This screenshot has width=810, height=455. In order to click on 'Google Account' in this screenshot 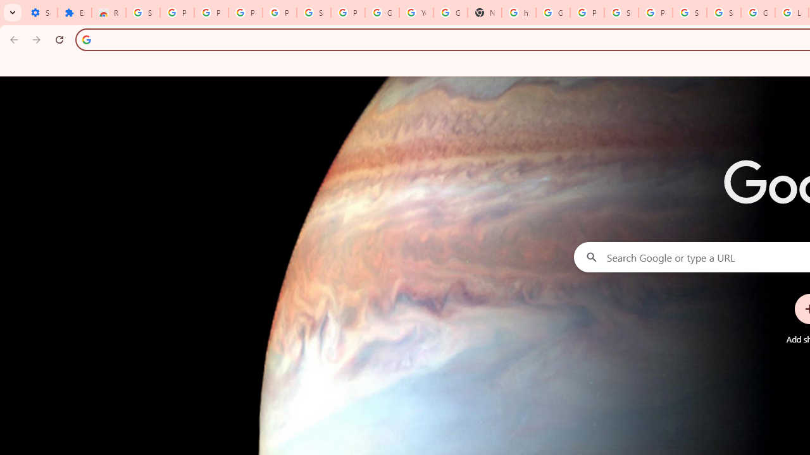, I will do `click(382, 13)`.